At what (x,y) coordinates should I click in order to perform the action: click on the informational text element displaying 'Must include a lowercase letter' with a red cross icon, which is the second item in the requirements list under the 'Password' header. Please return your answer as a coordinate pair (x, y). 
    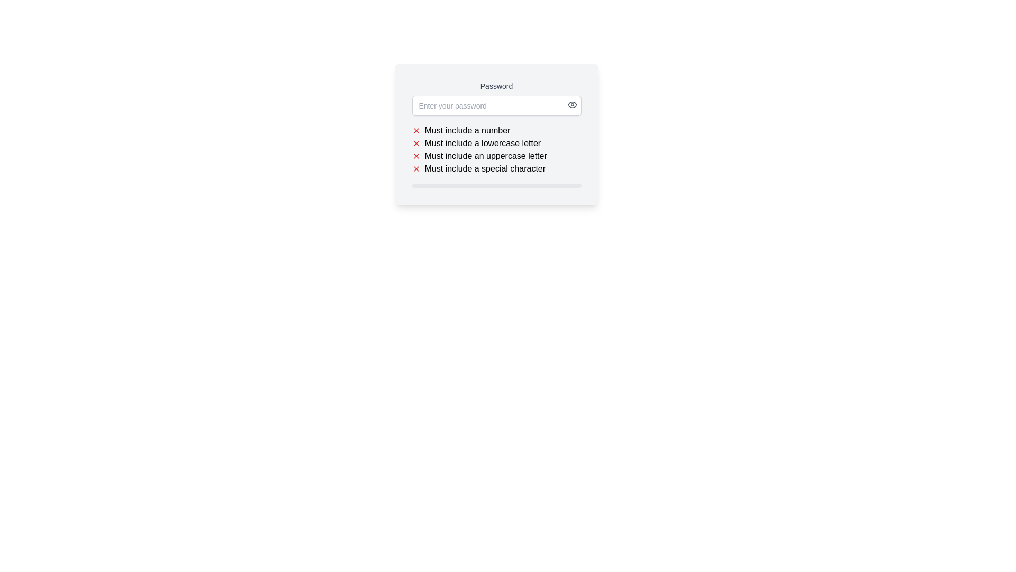
    Looking at the image, I should click on (496, 143).